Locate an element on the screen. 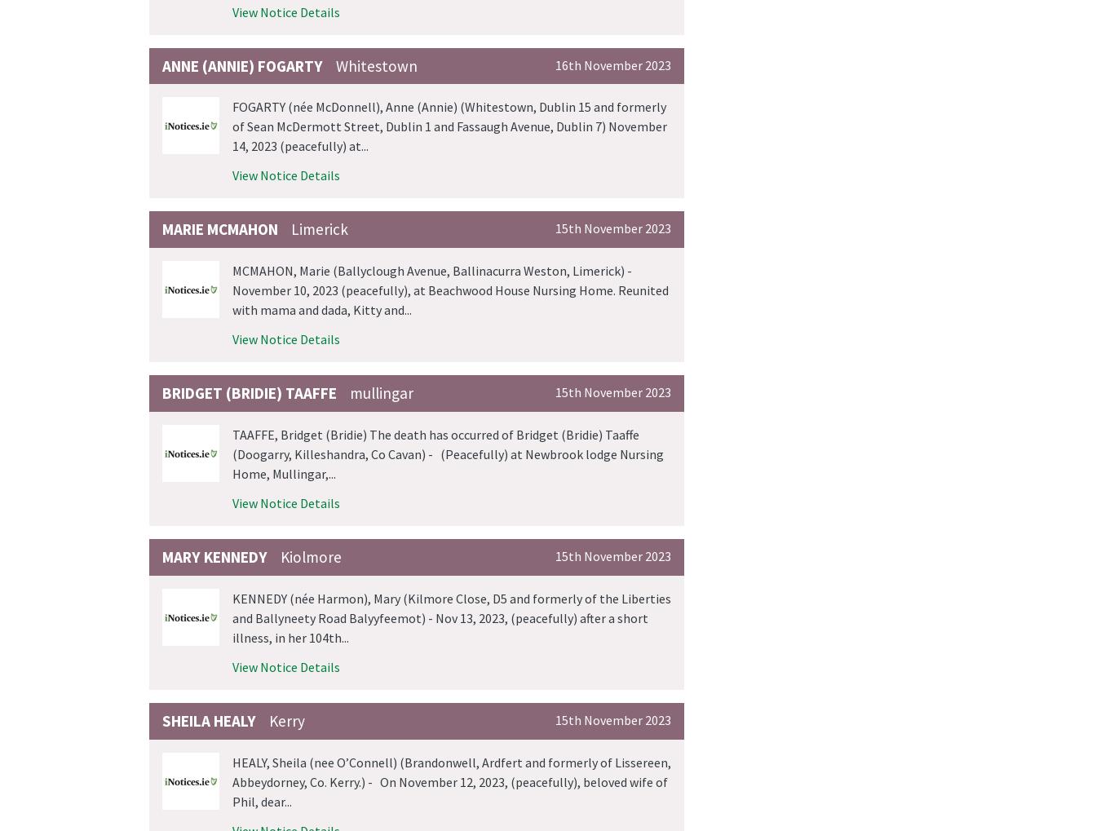  'HEALY, Sheila                     (nee O’Connell) (Brandonwell, Ardfert and formerly of Lissereen, Abbeydorney, Co. Kerry.) -     On November 12, 2023, (peacefully), beloved wife of Phil, dear...' is located at coordinates (452, 780).